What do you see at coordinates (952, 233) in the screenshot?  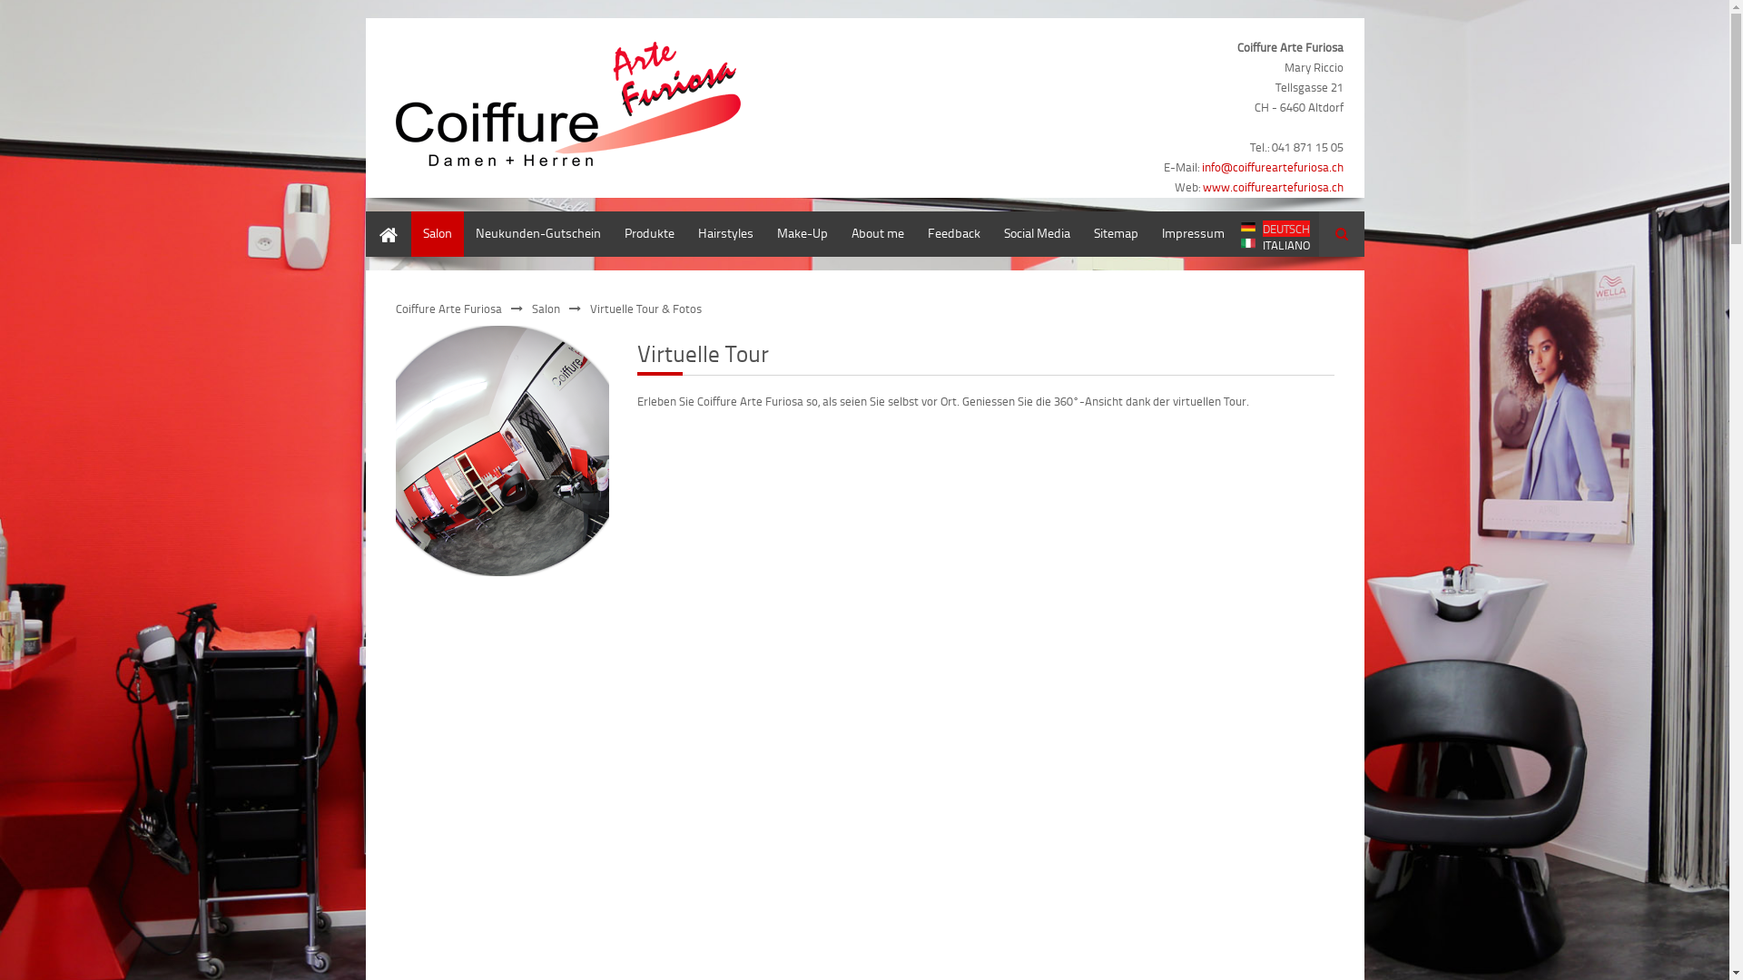 I see `'Feedback'` at bounding box center [952, 233].